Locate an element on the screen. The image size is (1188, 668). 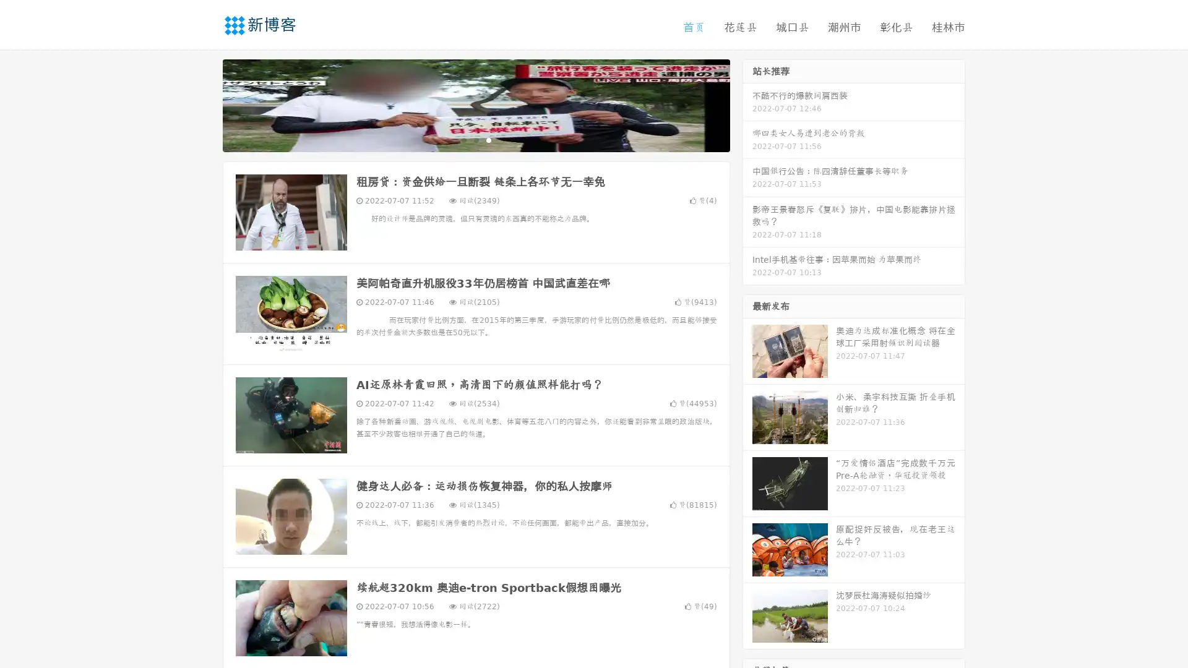
Go to slide 1 is located at coordinates (463, 139).